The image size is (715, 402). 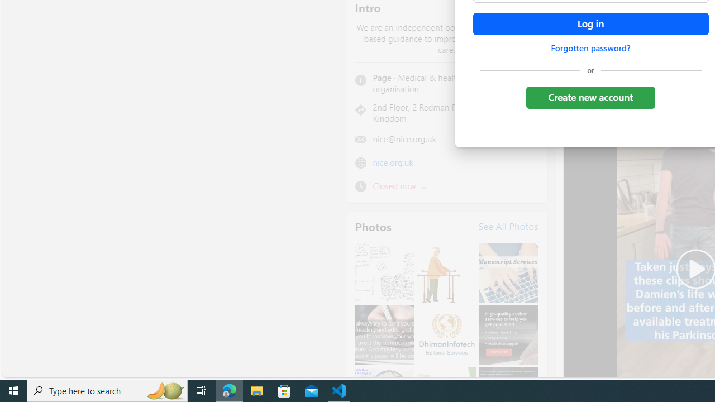 I want to click on 'Create new account', so click(x=590, y=97).